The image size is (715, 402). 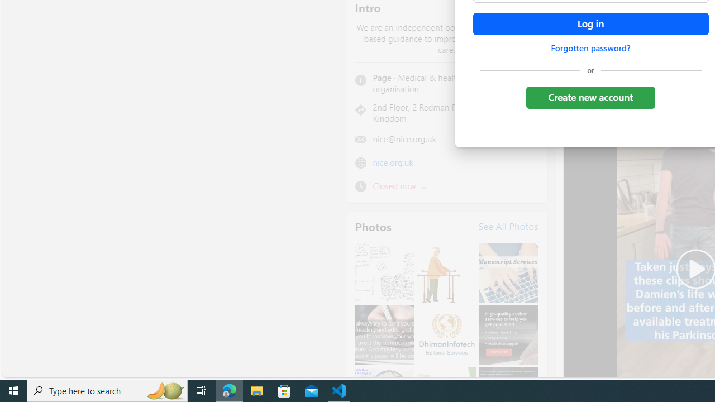 I want to click on 'Create new account', so click(x=590, y=97).